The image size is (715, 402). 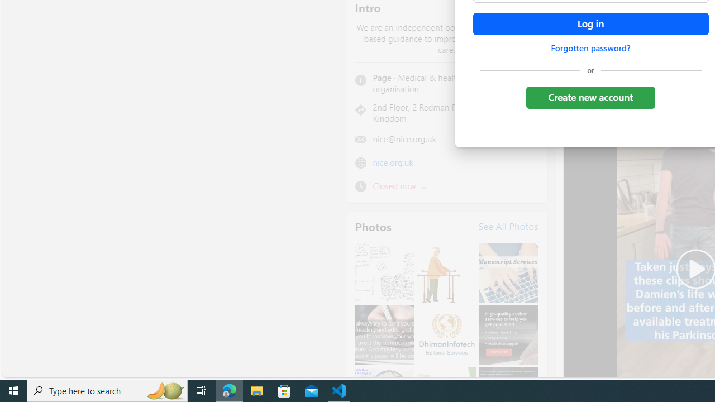 I want to click on 'Create new account', so click(x=590, y=97).